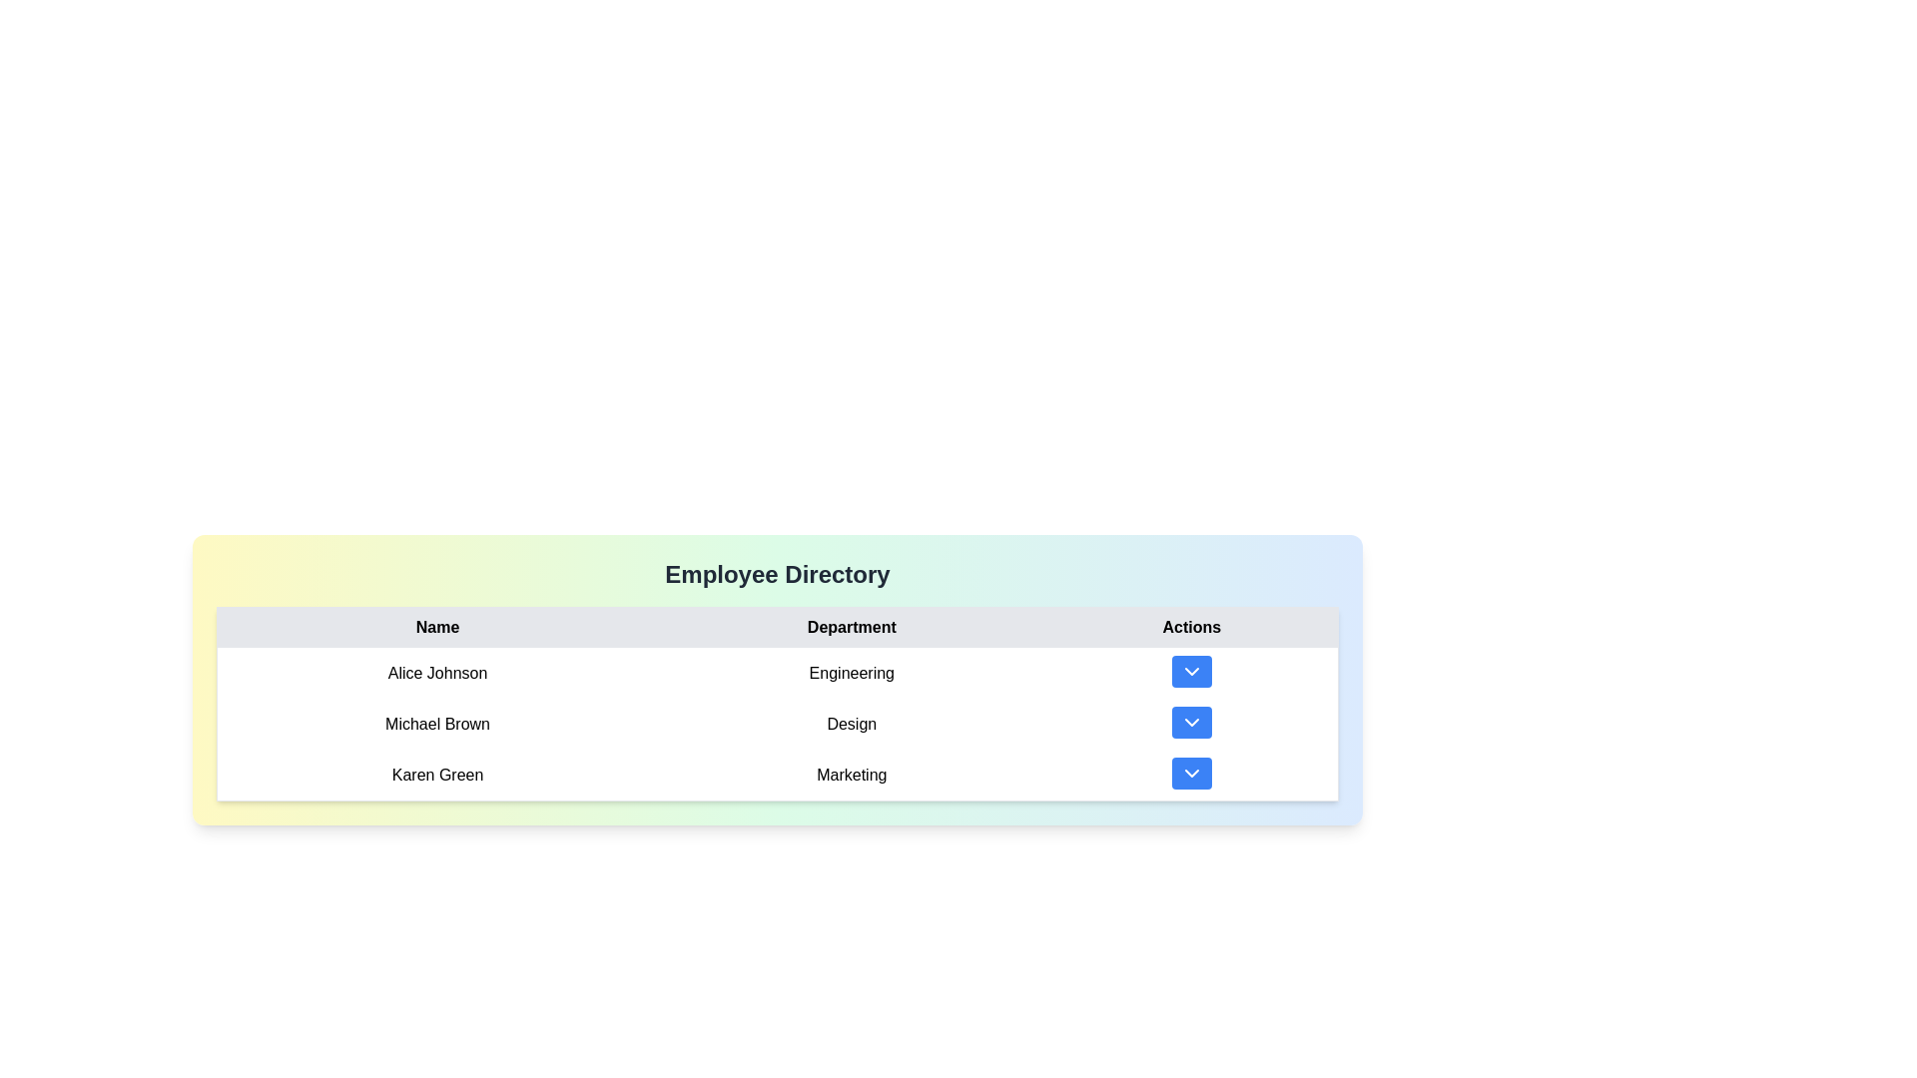 This screenshot has width=1917, height=1078. I want to click on the static text label 'Department' located in the second column of the table header, which is displayed in black font on a light gray background, so click(852, 626).